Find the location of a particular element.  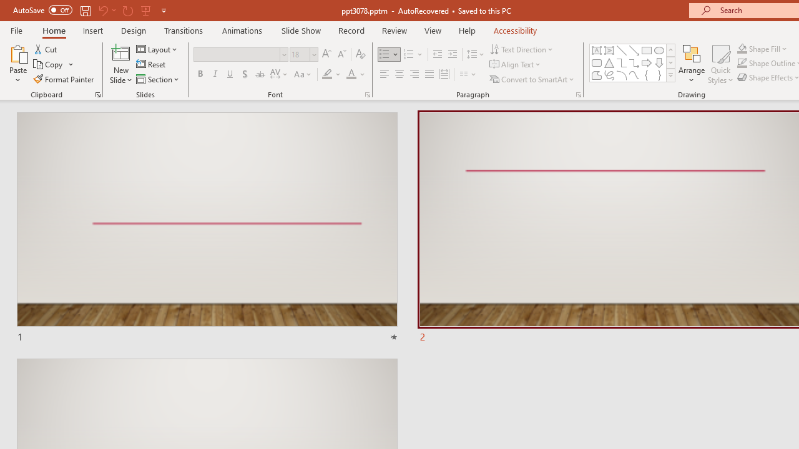

'File Tab' is located at coordinates (16, 29).